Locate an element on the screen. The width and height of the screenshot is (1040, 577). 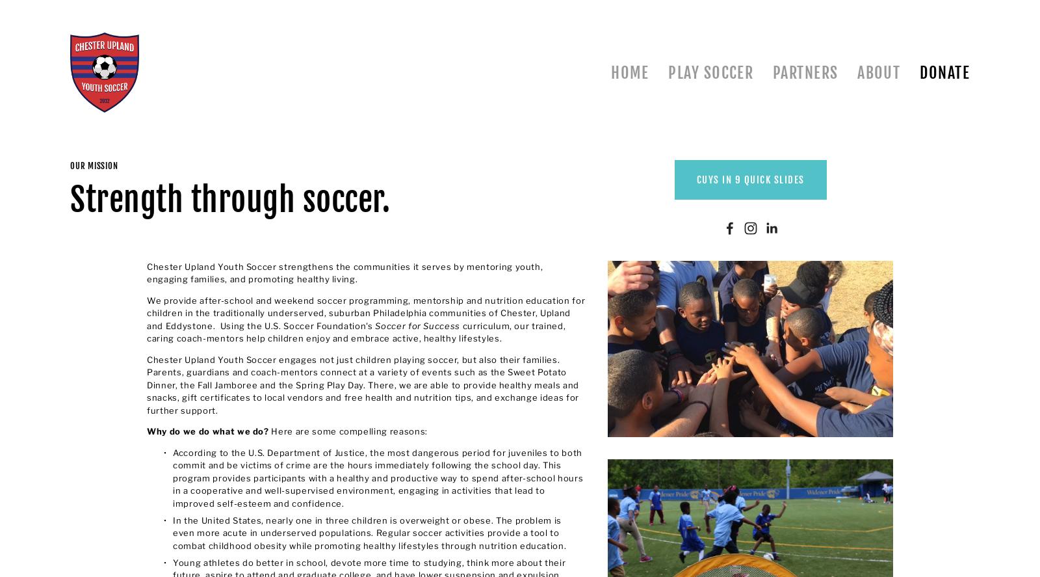
'Strength through soccer.' is located at coordinates (230, 199).